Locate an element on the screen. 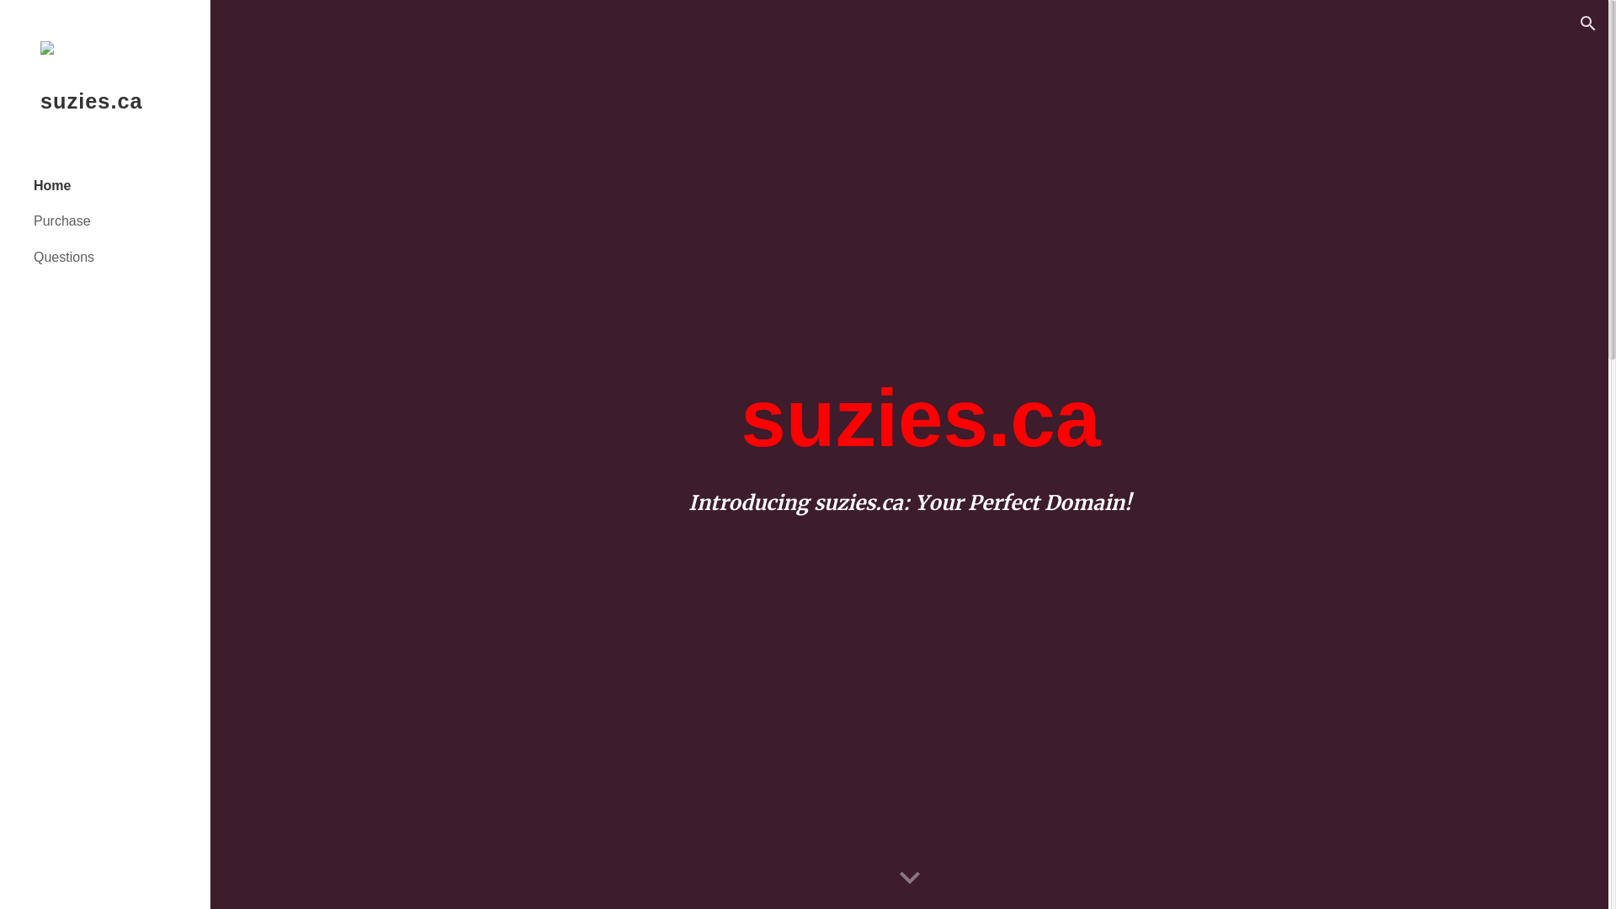 The height and width of the screenshot is (909, 1616). 'Purchase' is located at coordinates (114, 220).